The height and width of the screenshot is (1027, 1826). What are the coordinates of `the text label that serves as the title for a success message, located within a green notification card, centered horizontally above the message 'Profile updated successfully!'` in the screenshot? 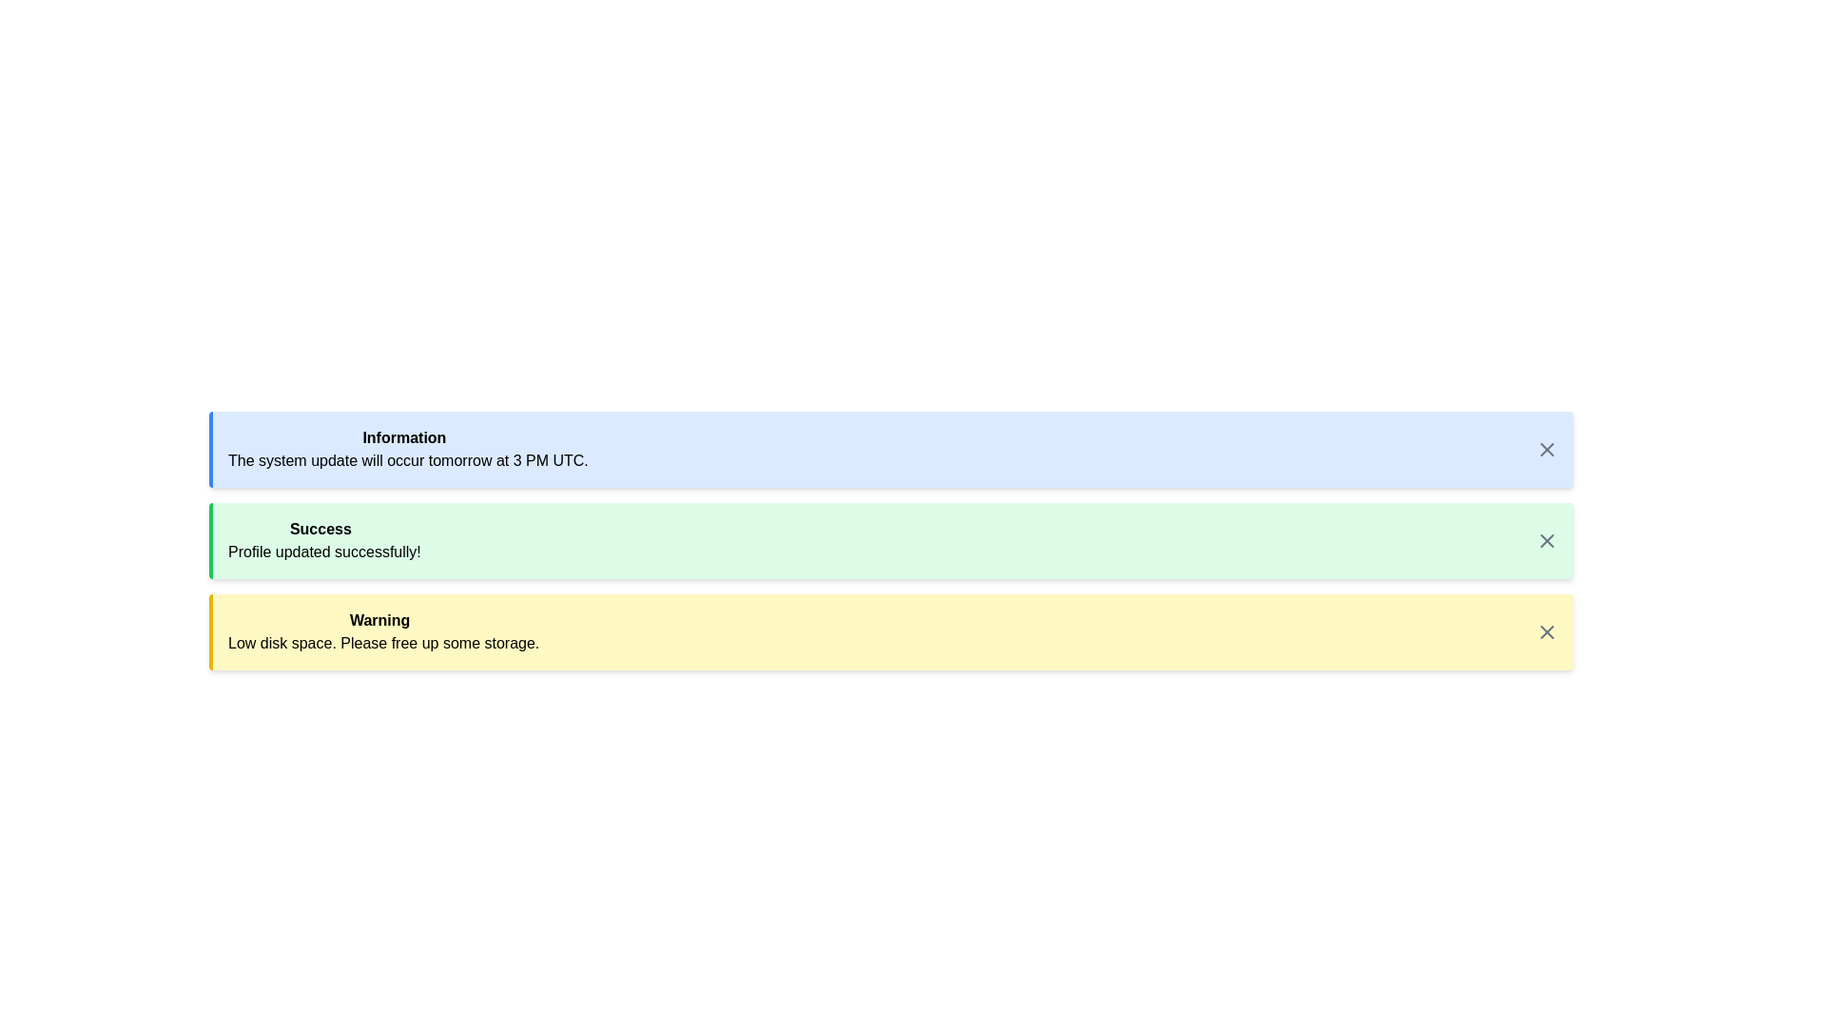 It's located at (321, 529).